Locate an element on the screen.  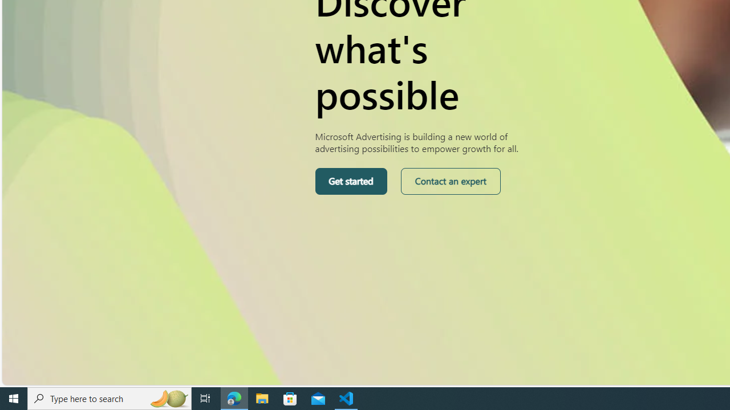
'Contact an expert' is located at coordinates (449, 181).